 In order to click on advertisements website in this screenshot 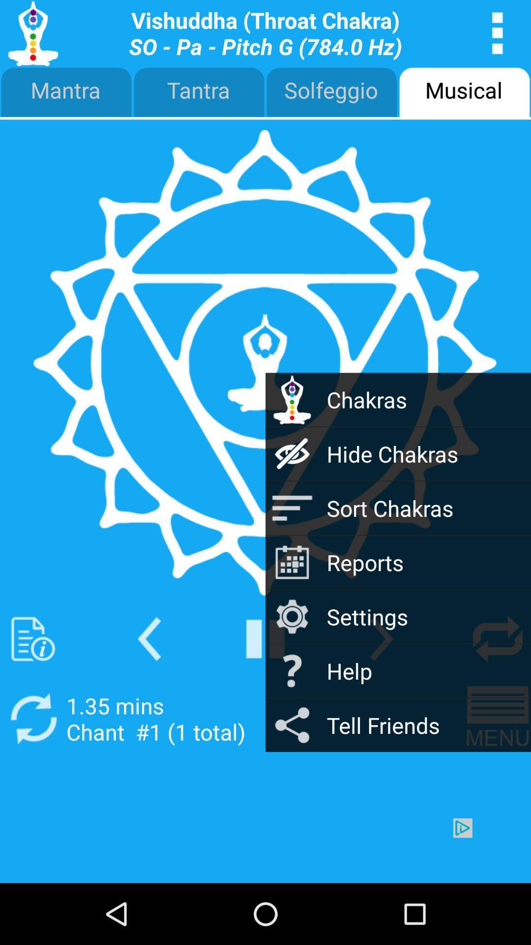, I will do `click(265, 850)`.